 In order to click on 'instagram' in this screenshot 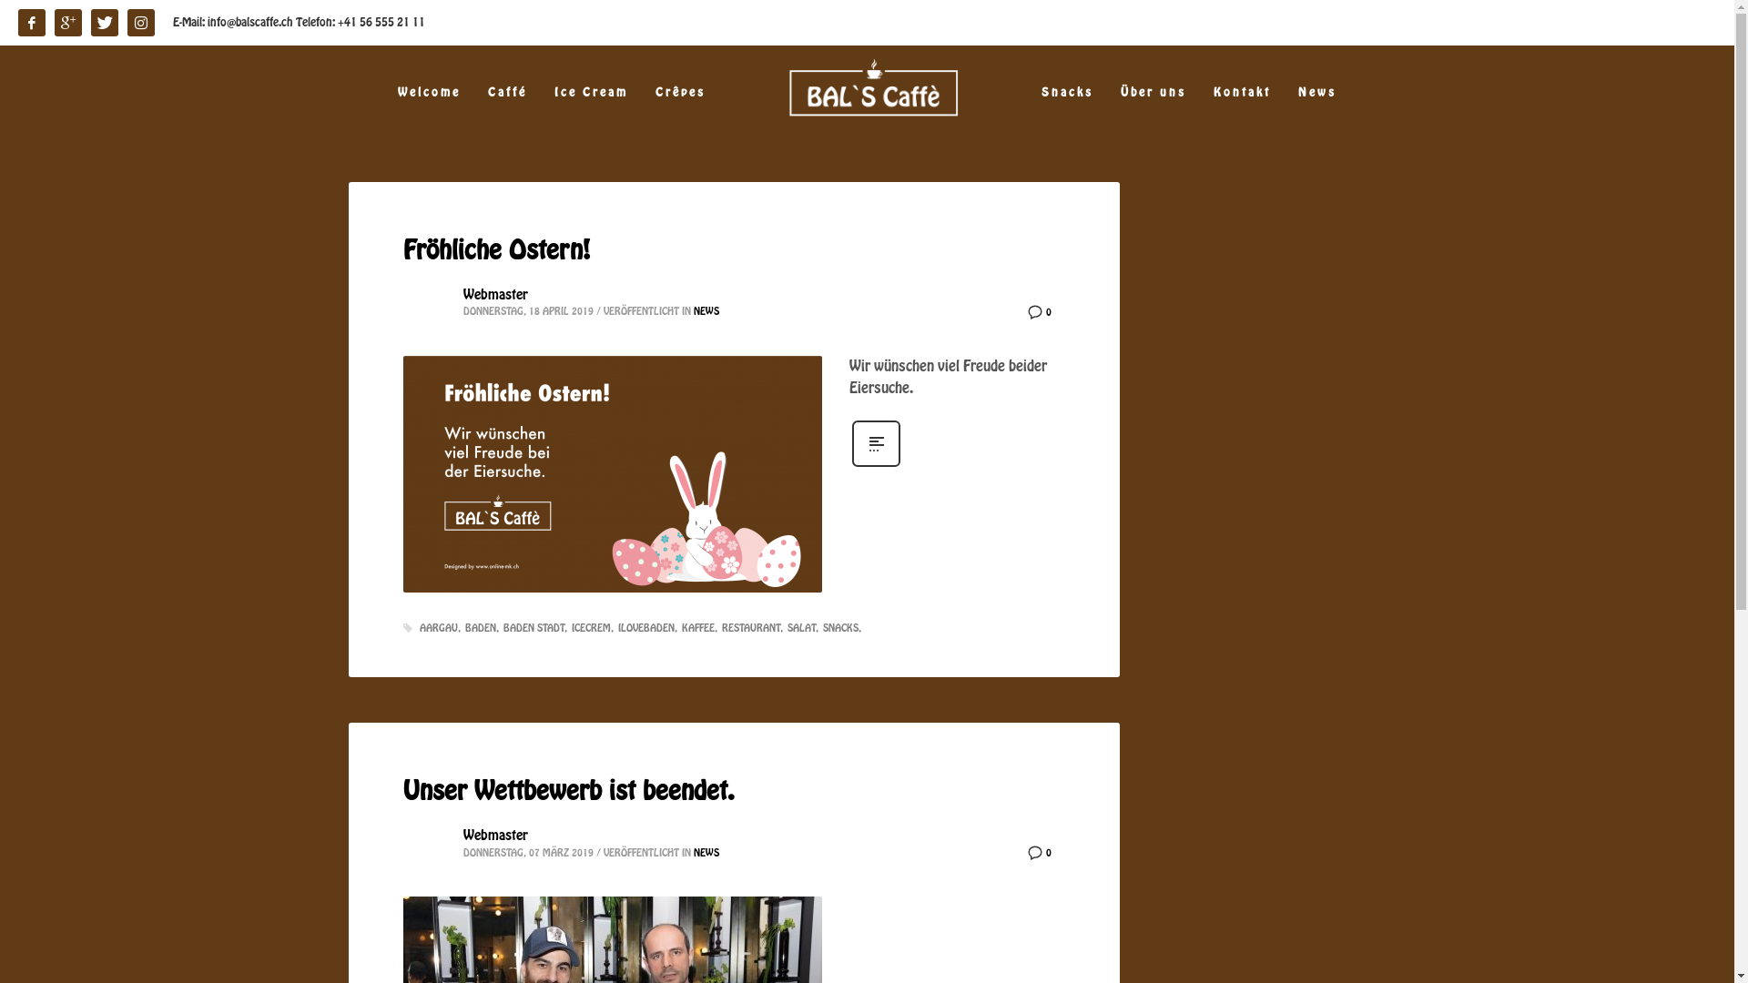, I will do `click(139, 22)`.